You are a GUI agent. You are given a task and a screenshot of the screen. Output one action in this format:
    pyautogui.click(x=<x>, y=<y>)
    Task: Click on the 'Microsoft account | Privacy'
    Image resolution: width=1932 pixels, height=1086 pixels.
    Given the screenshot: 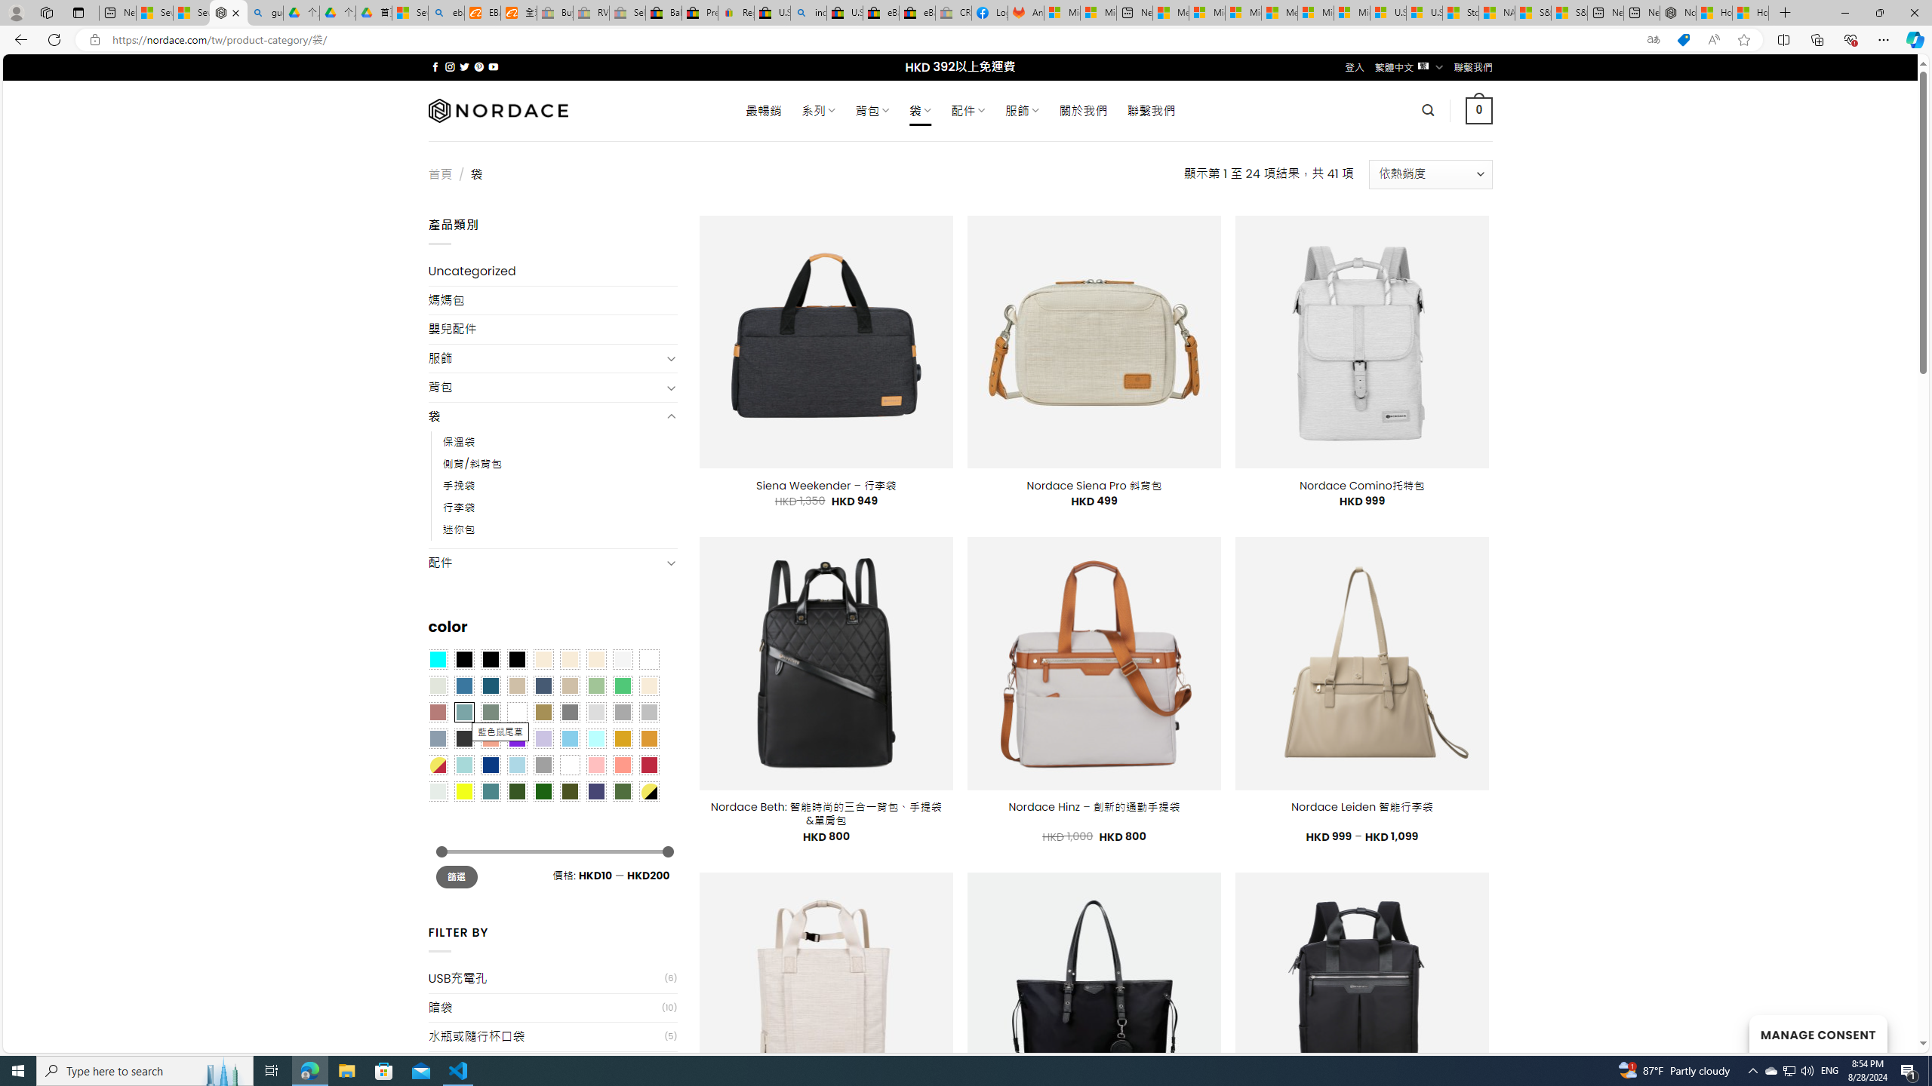 What is the action you would take?
    pyautogui.click(x=1207, y=12)
    